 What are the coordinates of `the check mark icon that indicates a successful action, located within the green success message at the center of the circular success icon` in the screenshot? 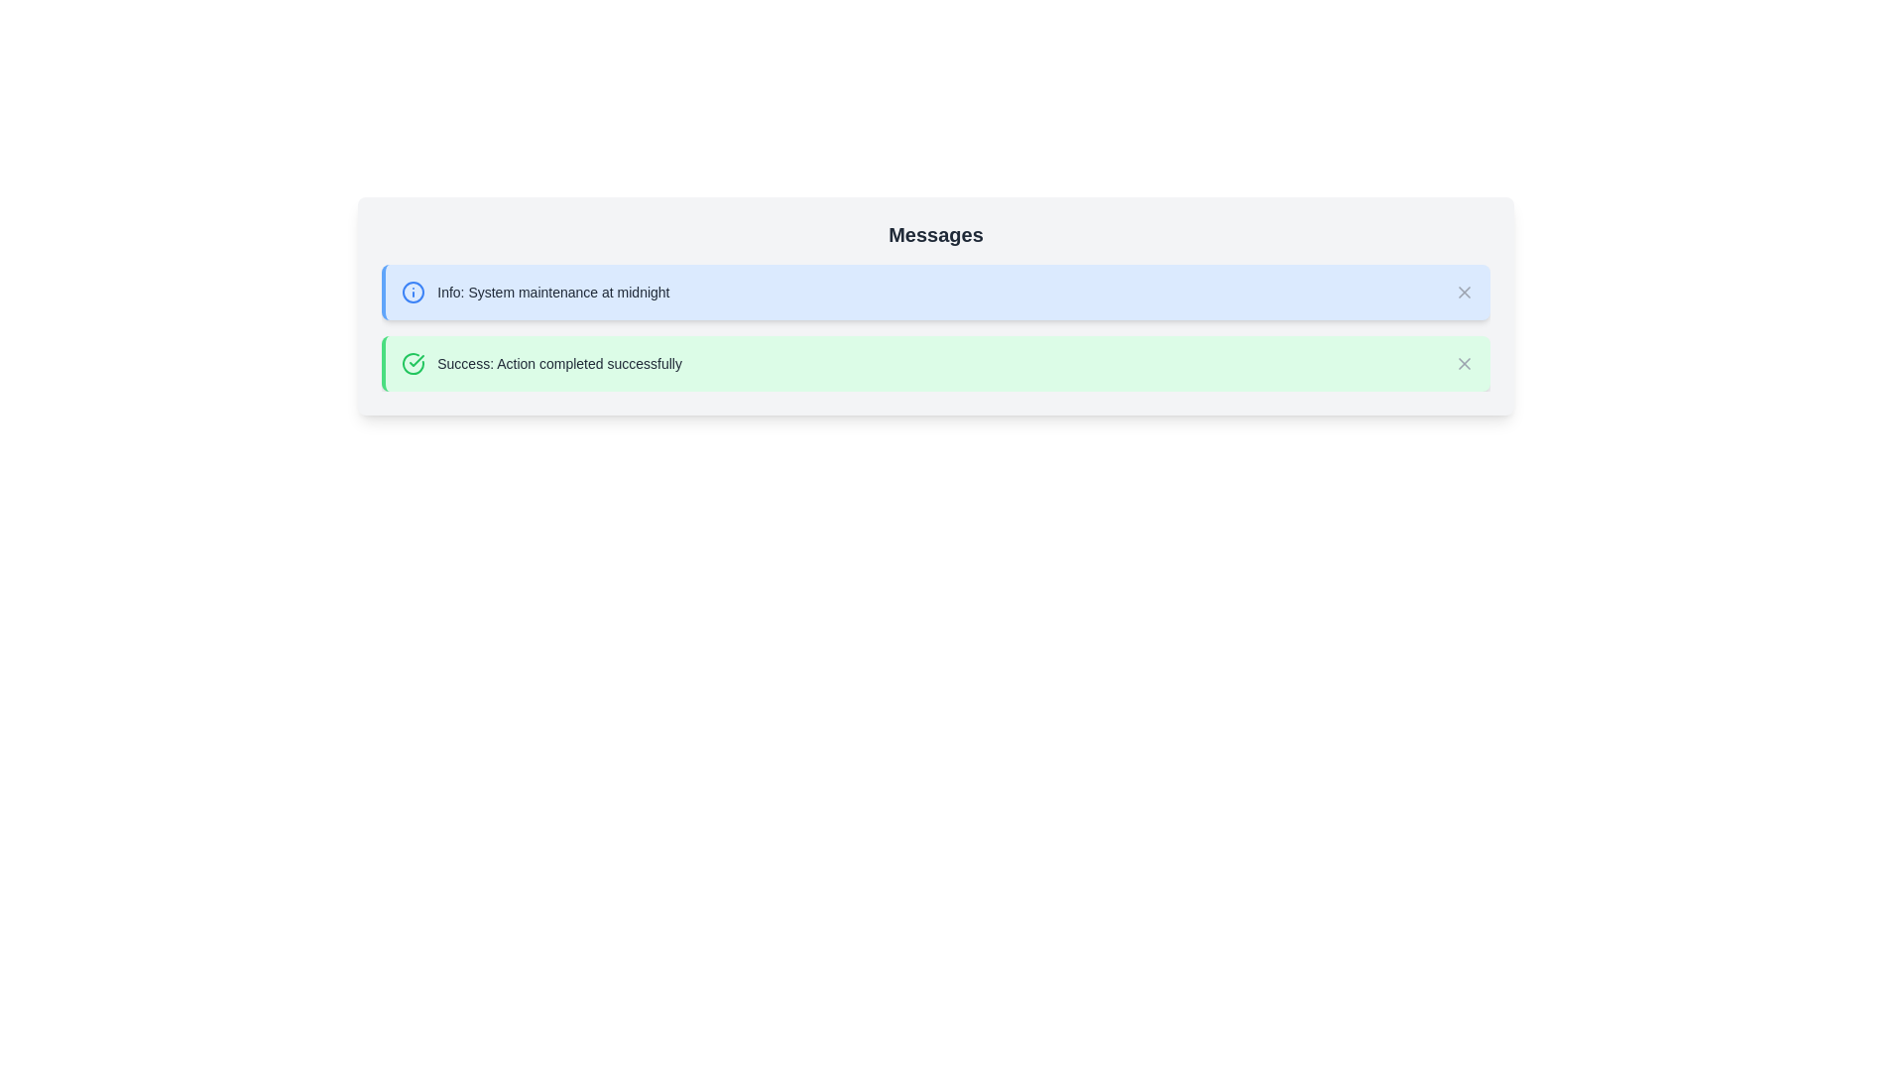 It's located at (416, 360).